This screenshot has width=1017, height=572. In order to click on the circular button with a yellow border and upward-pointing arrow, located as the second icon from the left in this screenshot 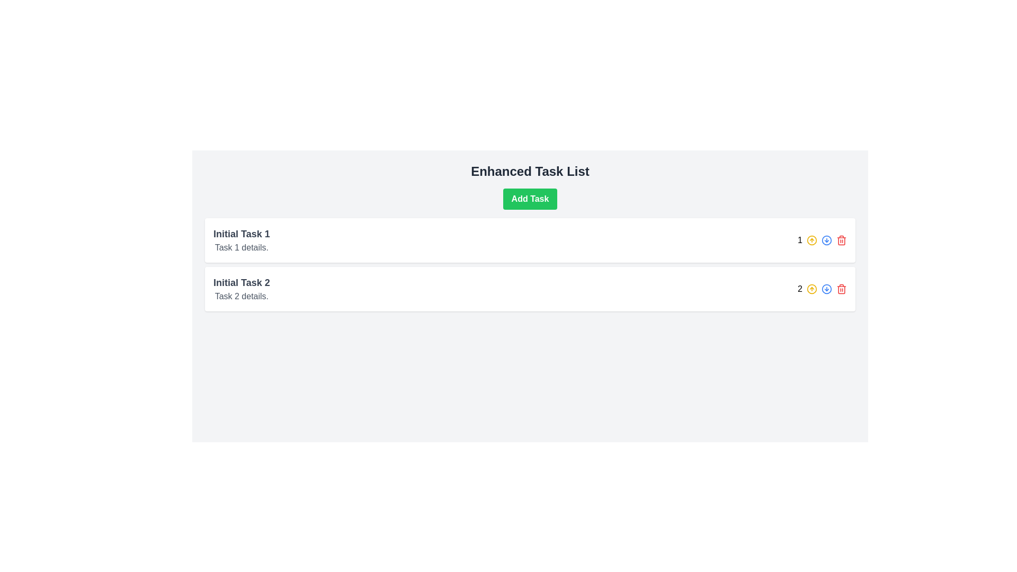, I will do `click(811, 240)`.